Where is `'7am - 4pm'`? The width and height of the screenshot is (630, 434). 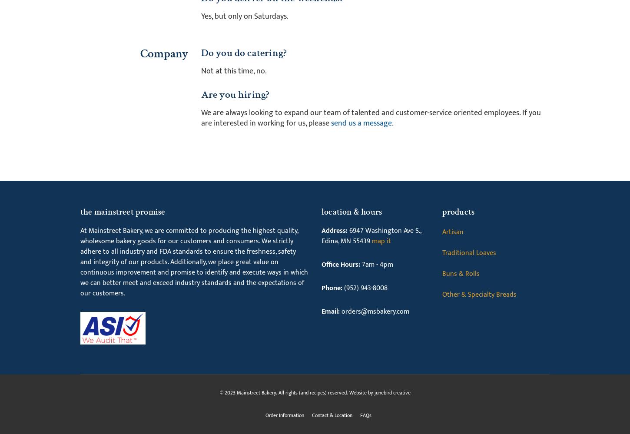 '7am - 4pm' is located at coordinates (376, 264).